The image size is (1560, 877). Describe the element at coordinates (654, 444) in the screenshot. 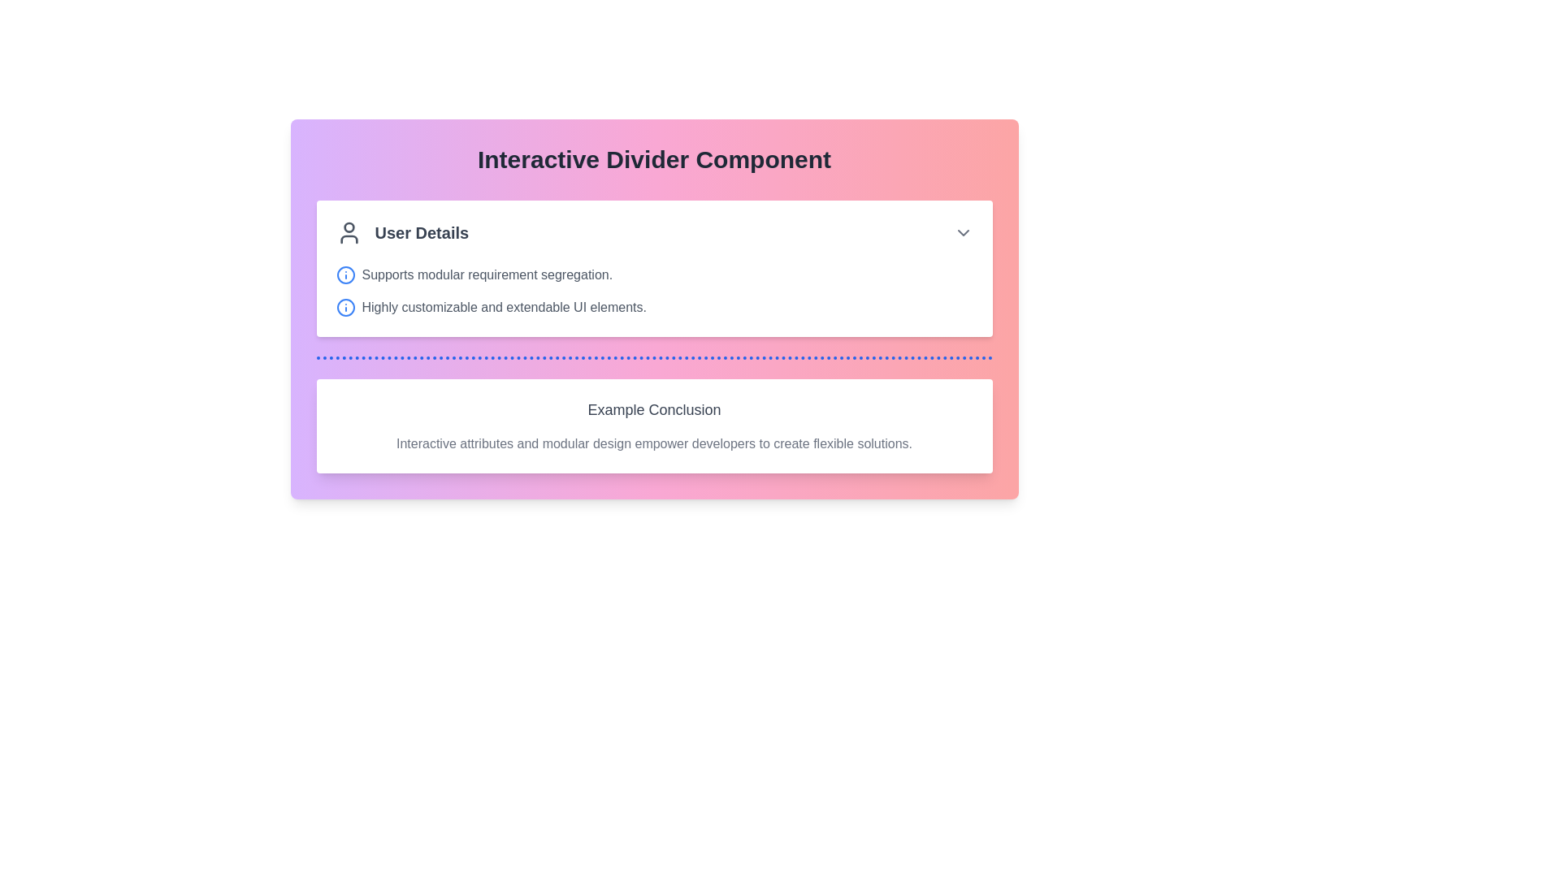

I see `the static text block that provides descriptive information below the heading 'Example Conclusion'` at that location.